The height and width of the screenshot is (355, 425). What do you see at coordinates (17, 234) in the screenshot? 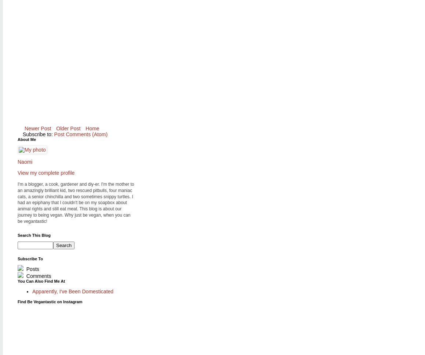
I see `'Search This Blog'` at bounding box center [17, 234].